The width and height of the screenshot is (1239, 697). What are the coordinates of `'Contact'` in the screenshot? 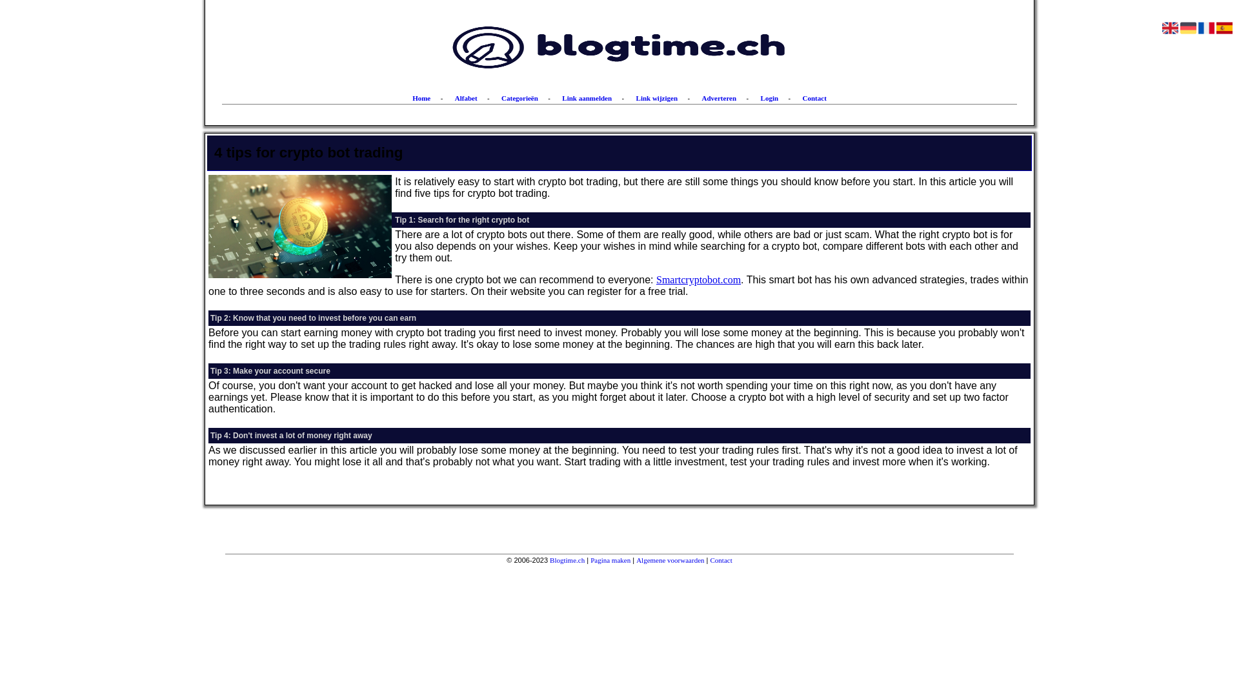 It's located at (814, 97).